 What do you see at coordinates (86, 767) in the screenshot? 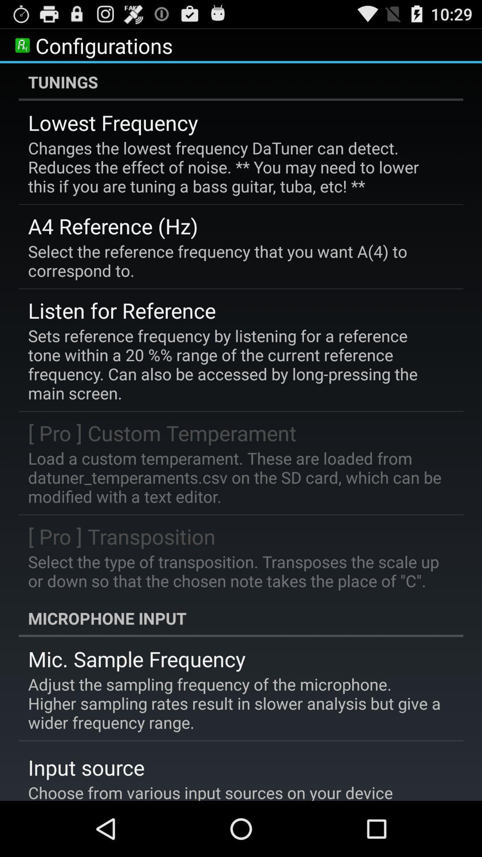
I see `app below the adjust the sampling item` at bounding box center [86, 767].